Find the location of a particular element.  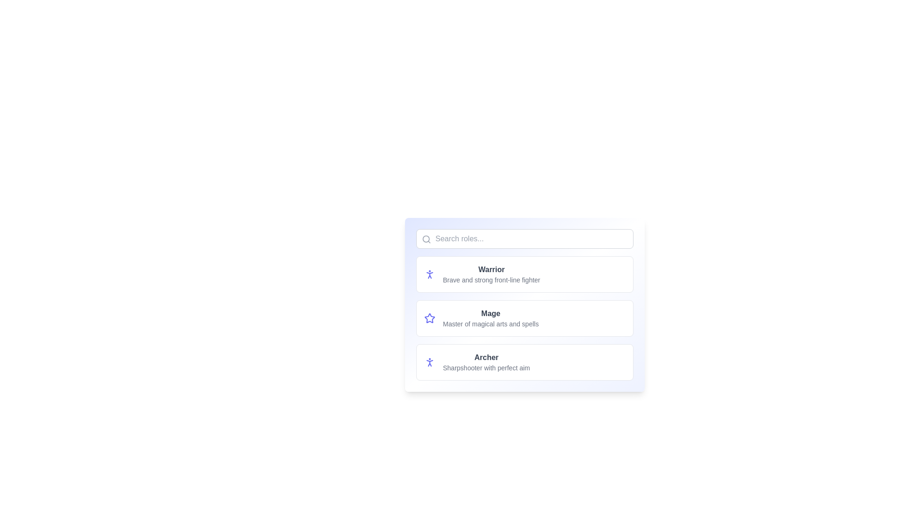

the text label that says 'Sharpshooter with perfect aim', which is styled in a smaller font size and light gray color, located directly beneath the bold title 'Archer' is located at coordinates (486, 367).